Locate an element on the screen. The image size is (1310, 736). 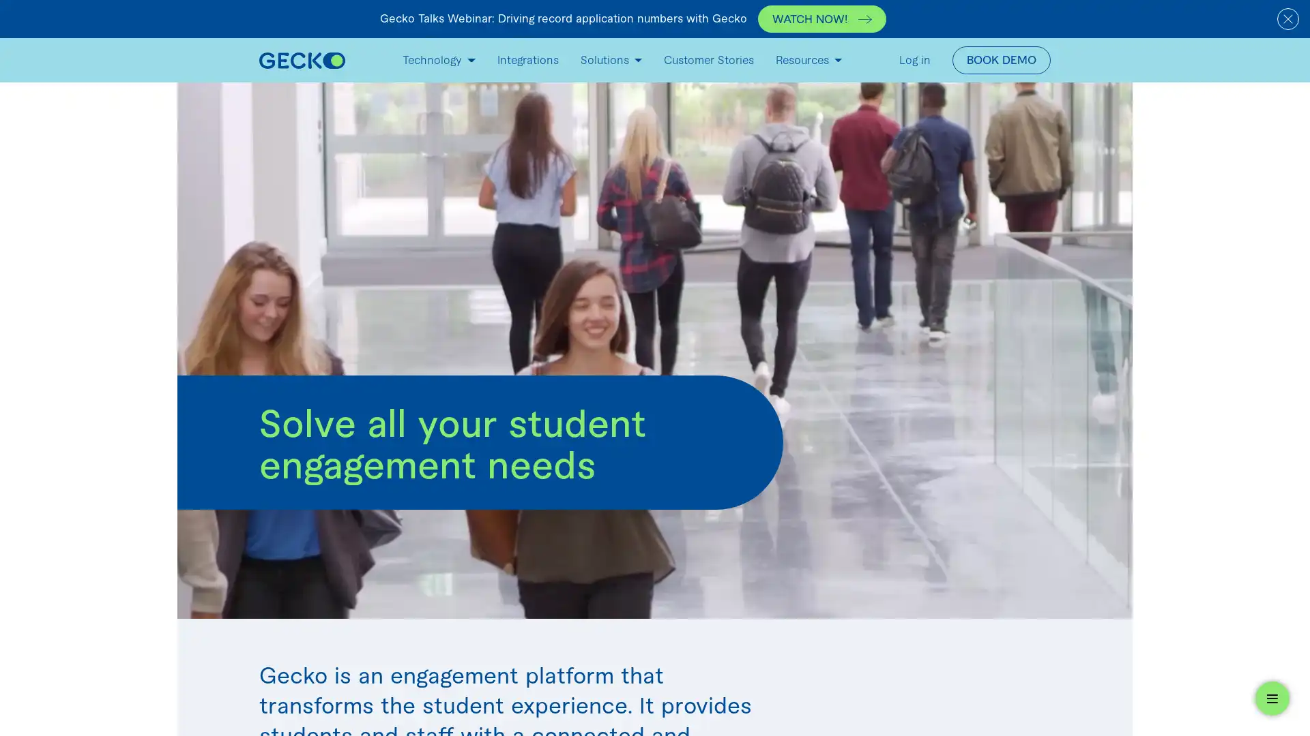
Oooh, what's this? Check out our *FREE* student engagement widget below. is located at coordinates (1186, 654).